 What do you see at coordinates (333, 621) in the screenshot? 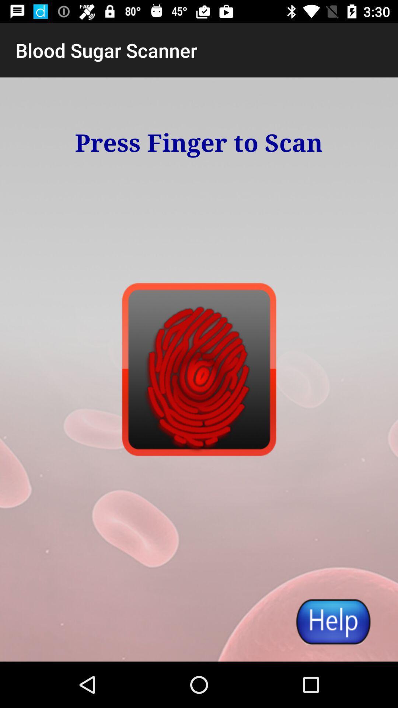
I see `the item at the bottom right corner` at bounding box center [333, 621].